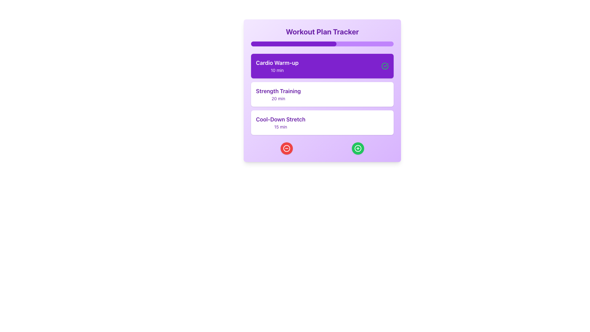 The width and height of the screenshot is (590, 332). Describe the element at coordinates (322, 94) in the screenshot. I see `the 'Strength Training' list item card, which is the second card in the 'Workout Plan Tracker' section` at that location.